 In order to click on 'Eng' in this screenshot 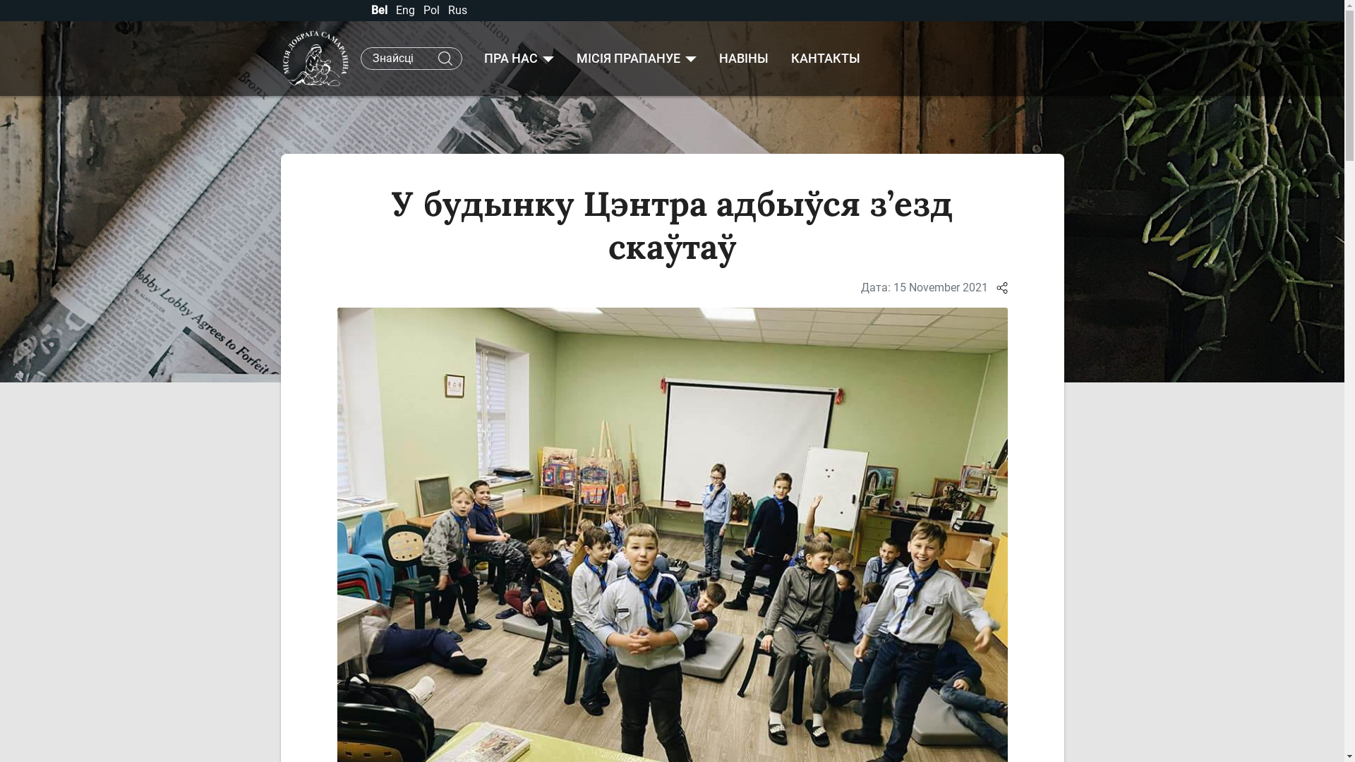, I will do `click(405, 10)`.